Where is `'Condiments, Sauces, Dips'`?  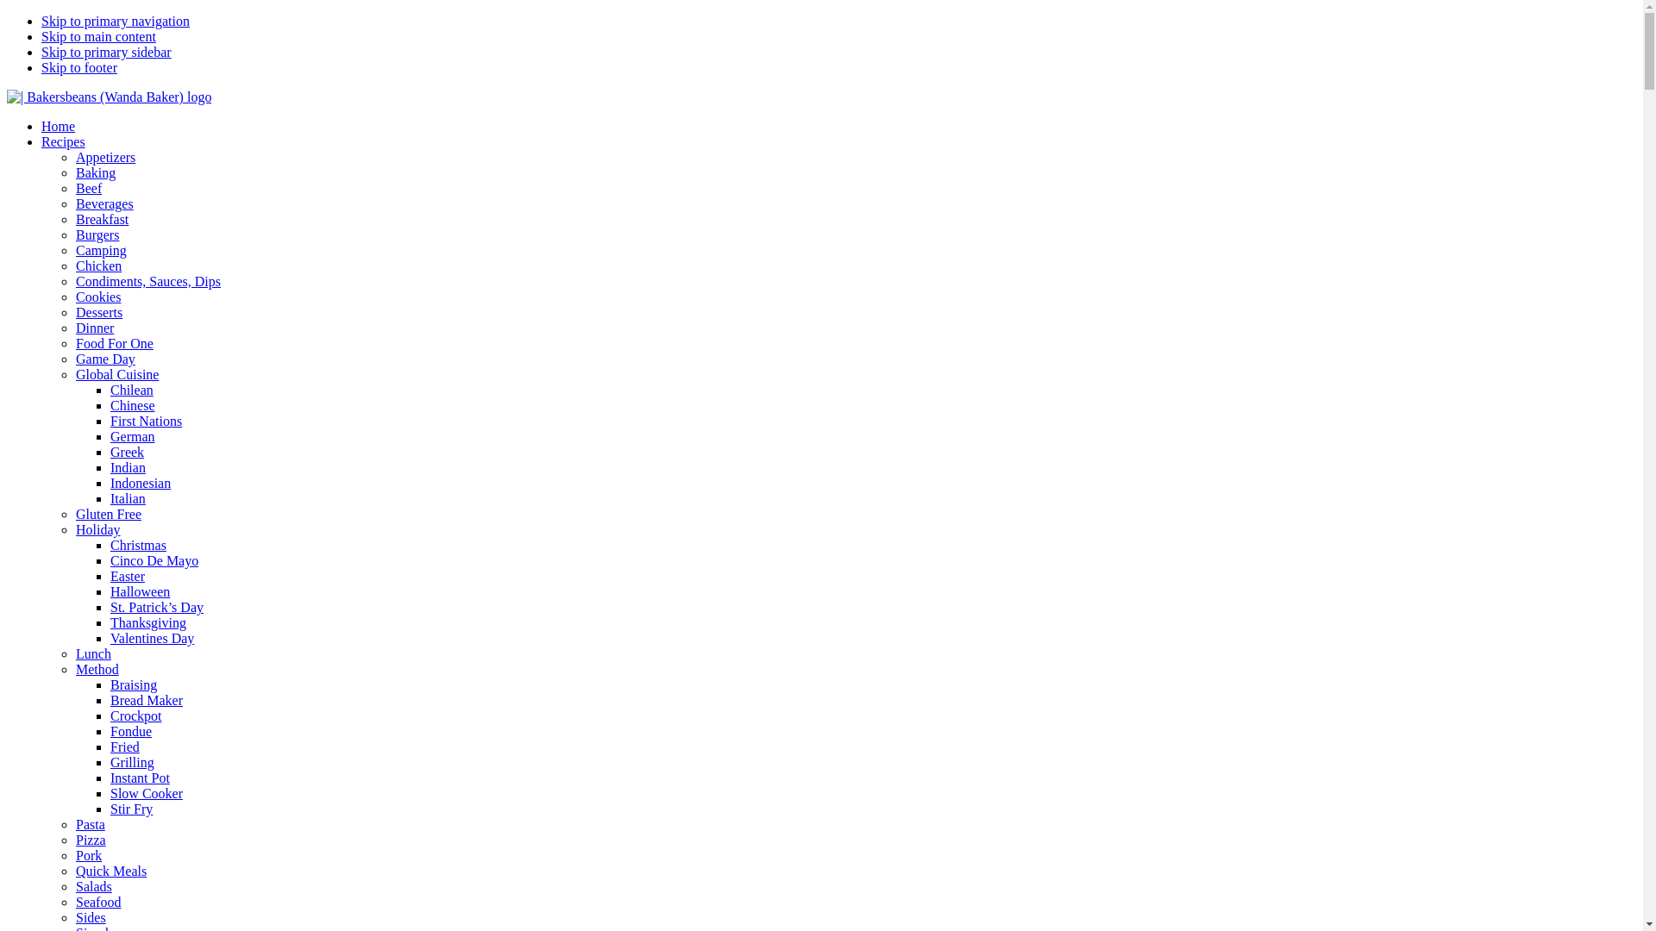
'Condiments, Sauces, Dips' is located at coordinates (74, 280).